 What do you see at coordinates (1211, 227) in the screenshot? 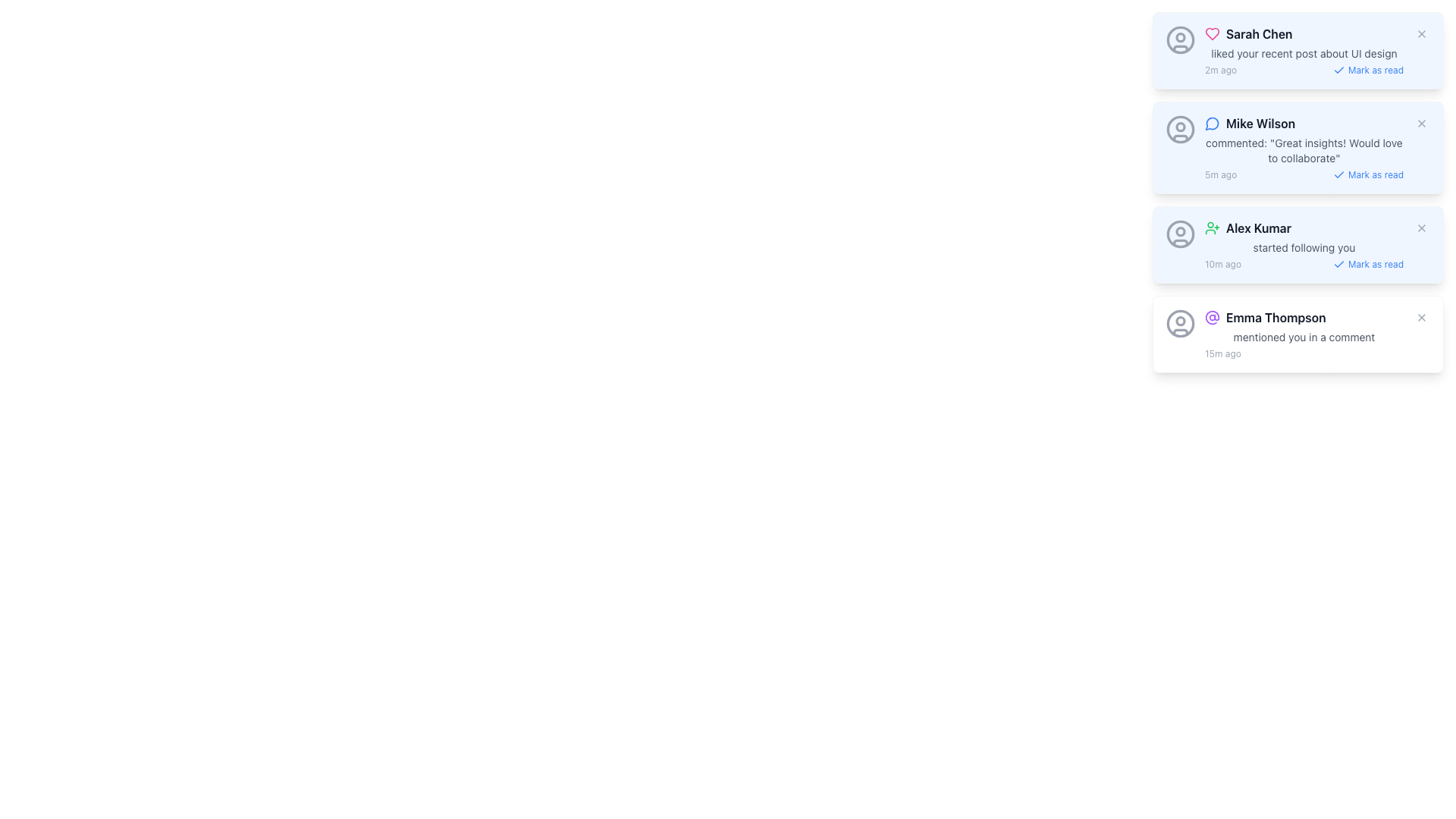
I see `the green user silhouette icon with a plus sign, located to the left of the text 'Alex Kumar' in the third notification card from the top` at bounding box center [1211, 227].